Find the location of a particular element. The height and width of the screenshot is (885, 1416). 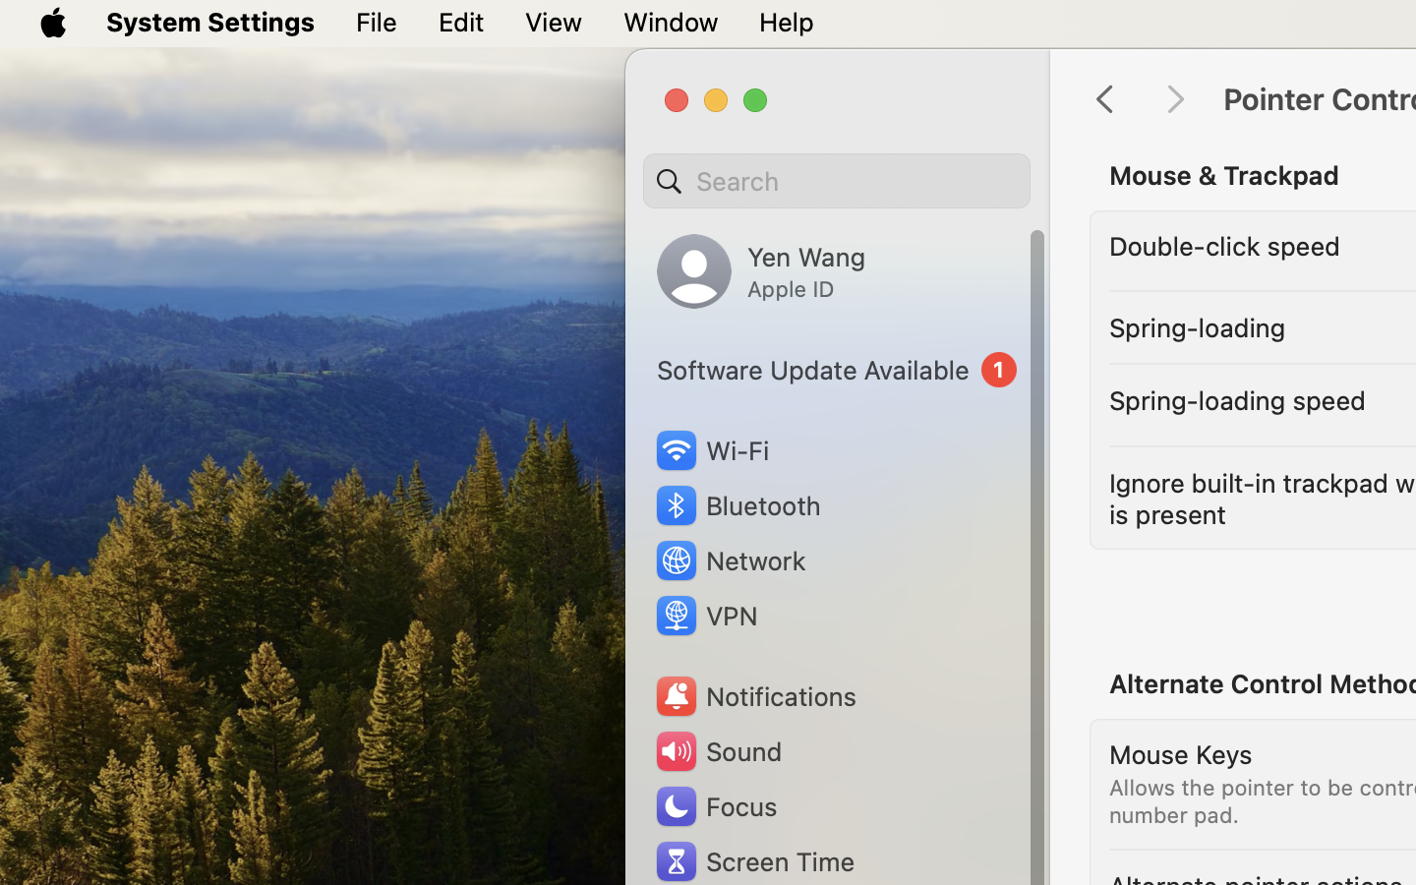

'VPN' is located at coordinates (704, 616).